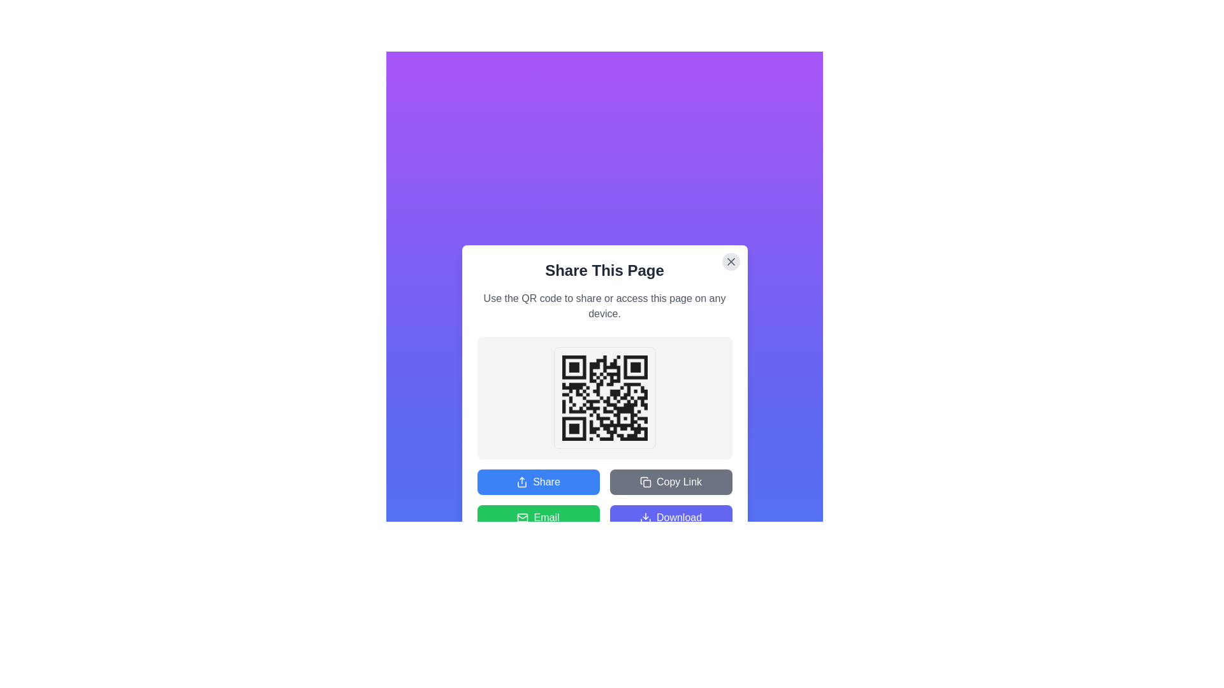 This screenshot has width=1224, height=688. I want to click on the 'Download' button located at the bottom-right corner of the card, which contains the decorative icon indicating the download functionality, so click(645, 518).